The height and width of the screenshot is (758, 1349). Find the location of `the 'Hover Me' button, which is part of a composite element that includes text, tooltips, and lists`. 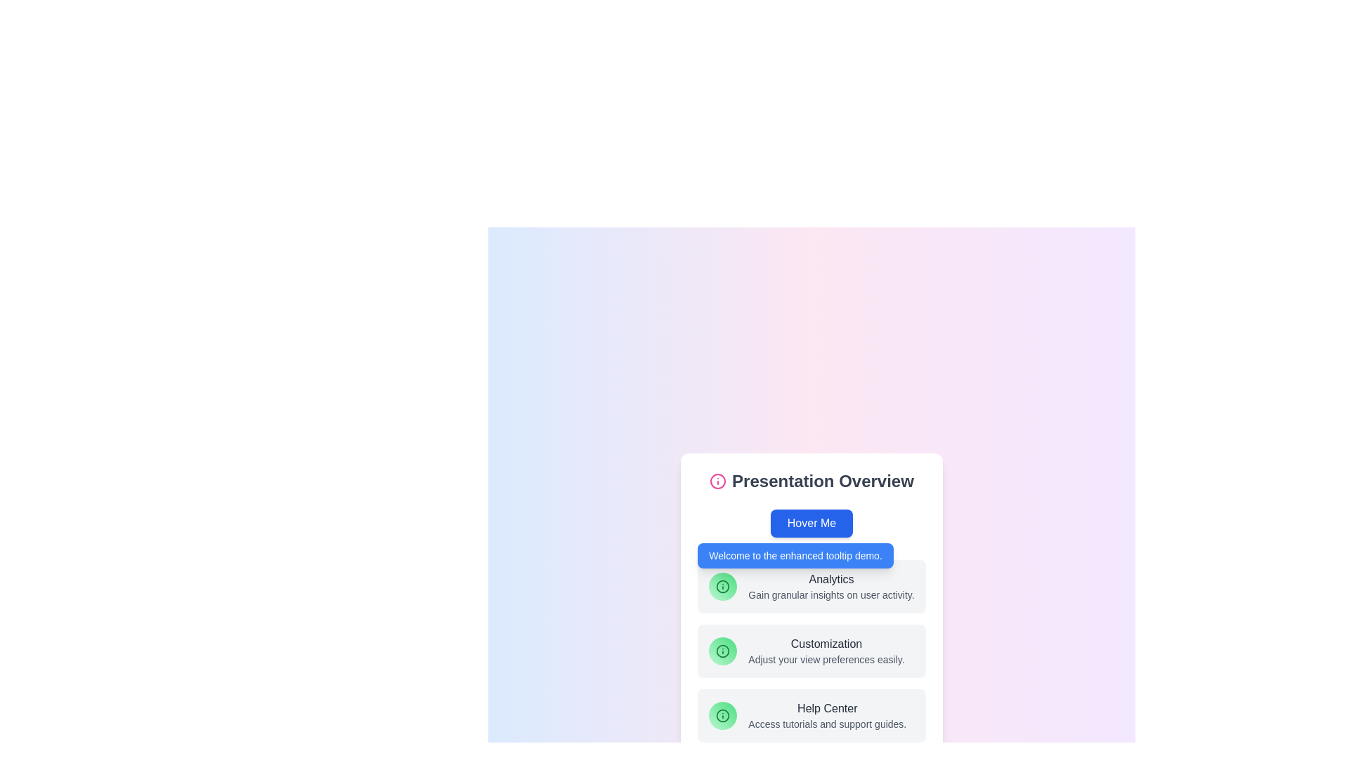

the 'Hover Me' button, which is part of a composite element that includes text, tooltips, and lists is located at coordinates (812, 606).